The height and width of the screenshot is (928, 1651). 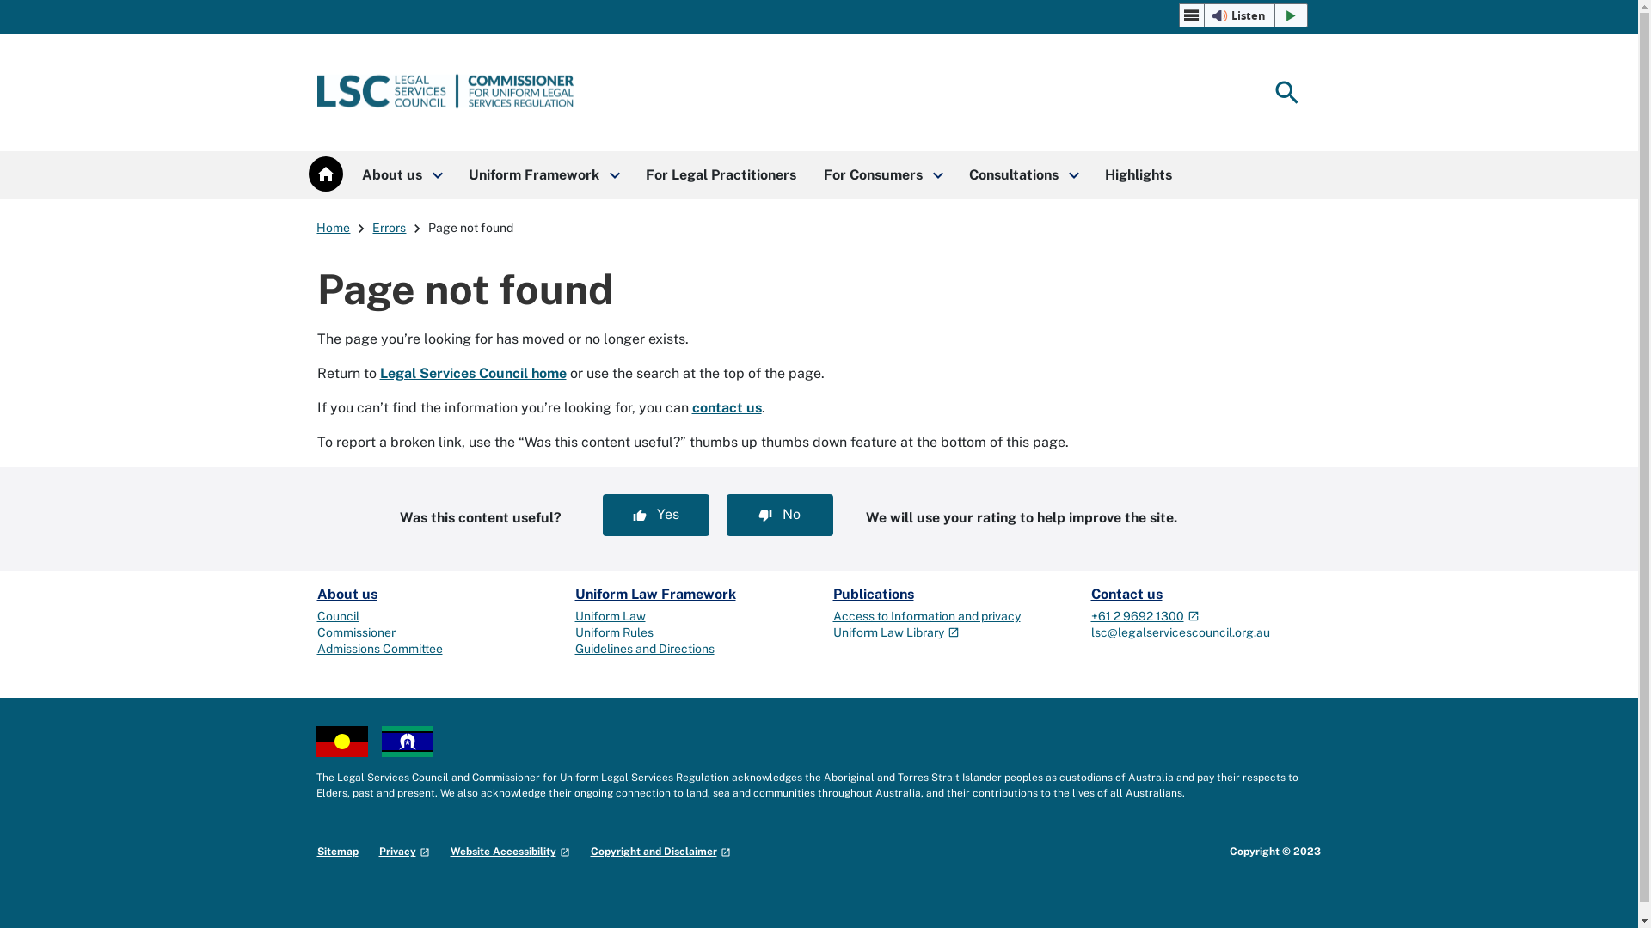 What do you see at coordinates (541, 175) in the screenshot?
I see `'Uniform Framework` at bounding box center [541, 175].